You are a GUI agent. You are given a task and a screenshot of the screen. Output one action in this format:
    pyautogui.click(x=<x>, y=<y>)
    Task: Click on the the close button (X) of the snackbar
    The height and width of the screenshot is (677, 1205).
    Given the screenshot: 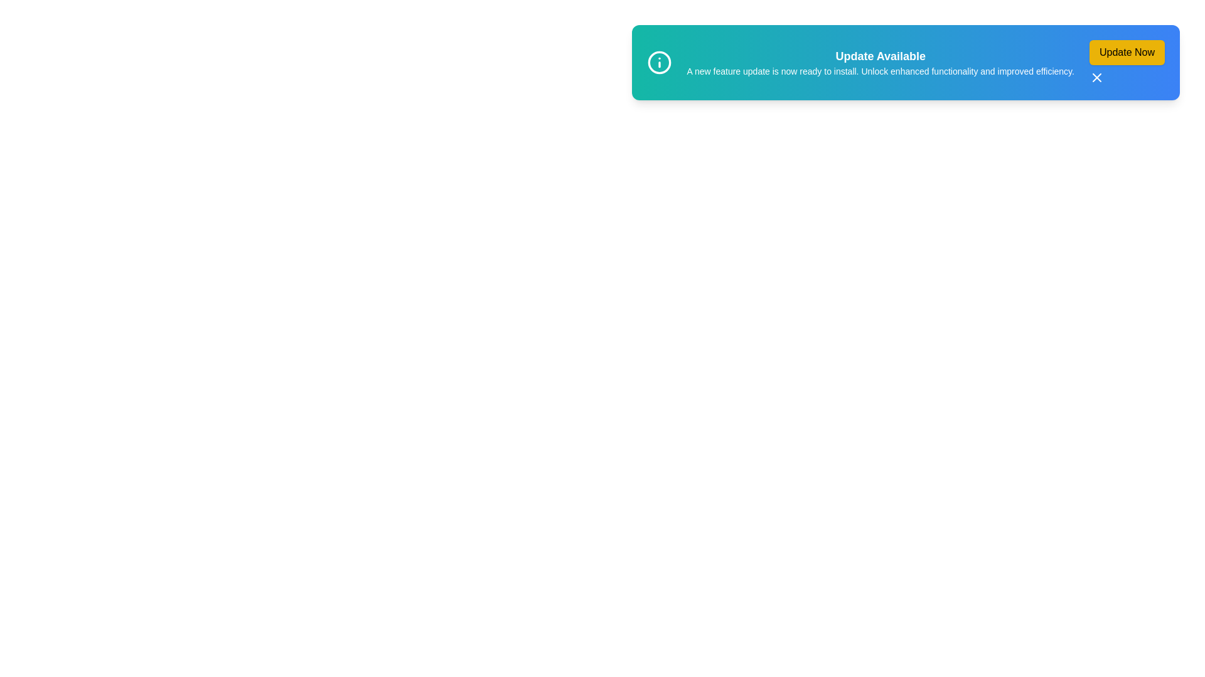 What is the action you would take?
    pyautogui.click(x=1127, y=77)
    